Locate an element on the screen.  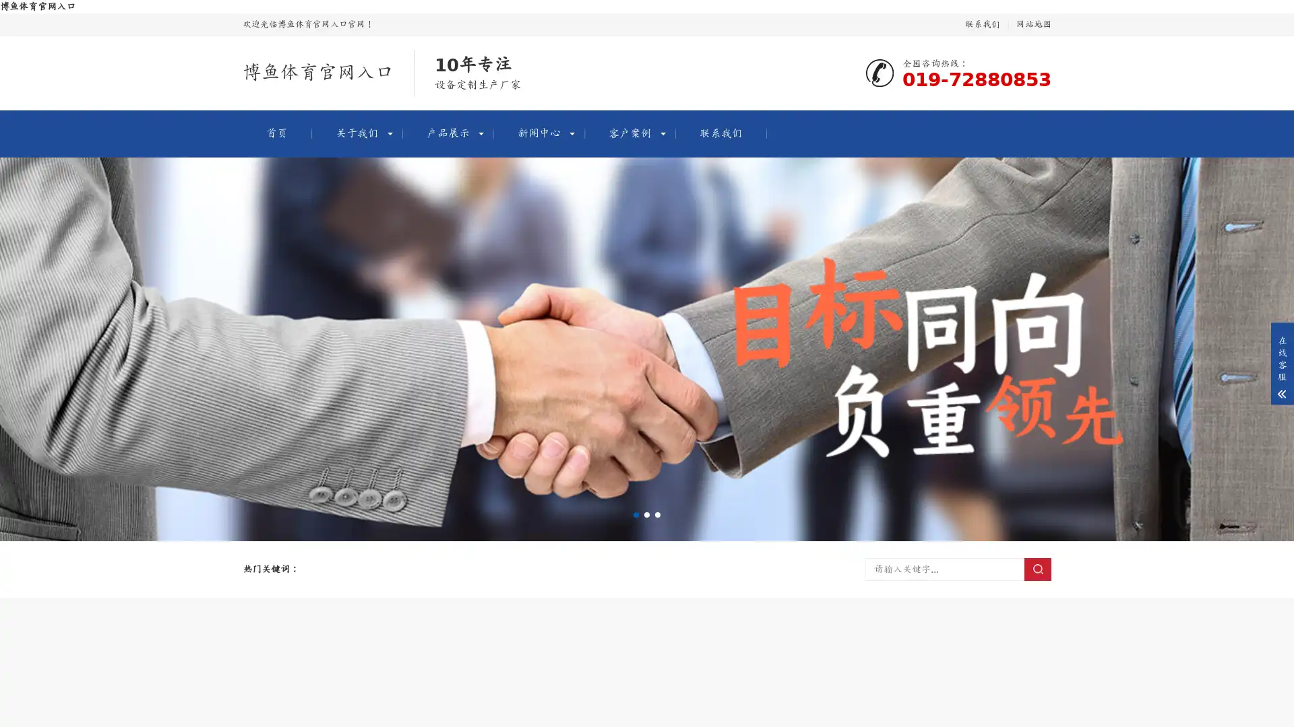
Go to slide 1 is located at coordinates (636, 514).